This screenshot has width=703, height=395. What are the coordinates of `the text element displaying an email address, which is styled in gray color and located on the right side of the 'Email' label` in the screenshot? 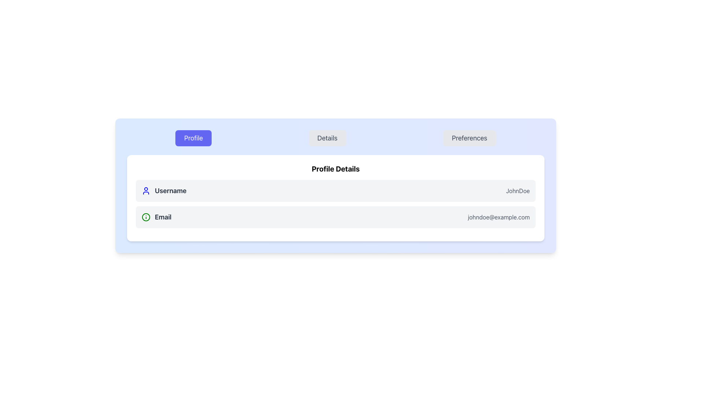 It's located at (498, 217).